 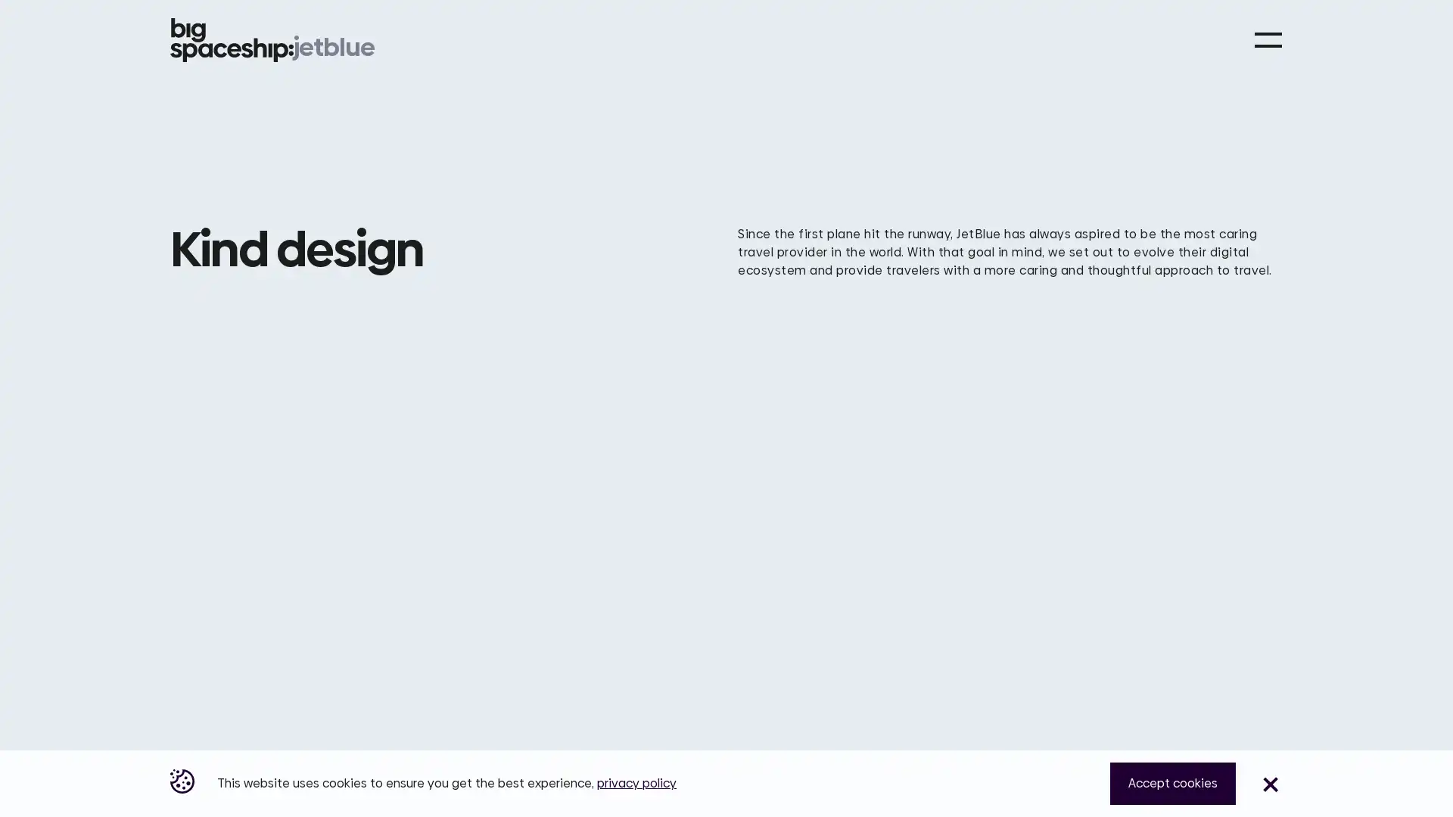 I want to click on Close, so click(x=1271, y=784).